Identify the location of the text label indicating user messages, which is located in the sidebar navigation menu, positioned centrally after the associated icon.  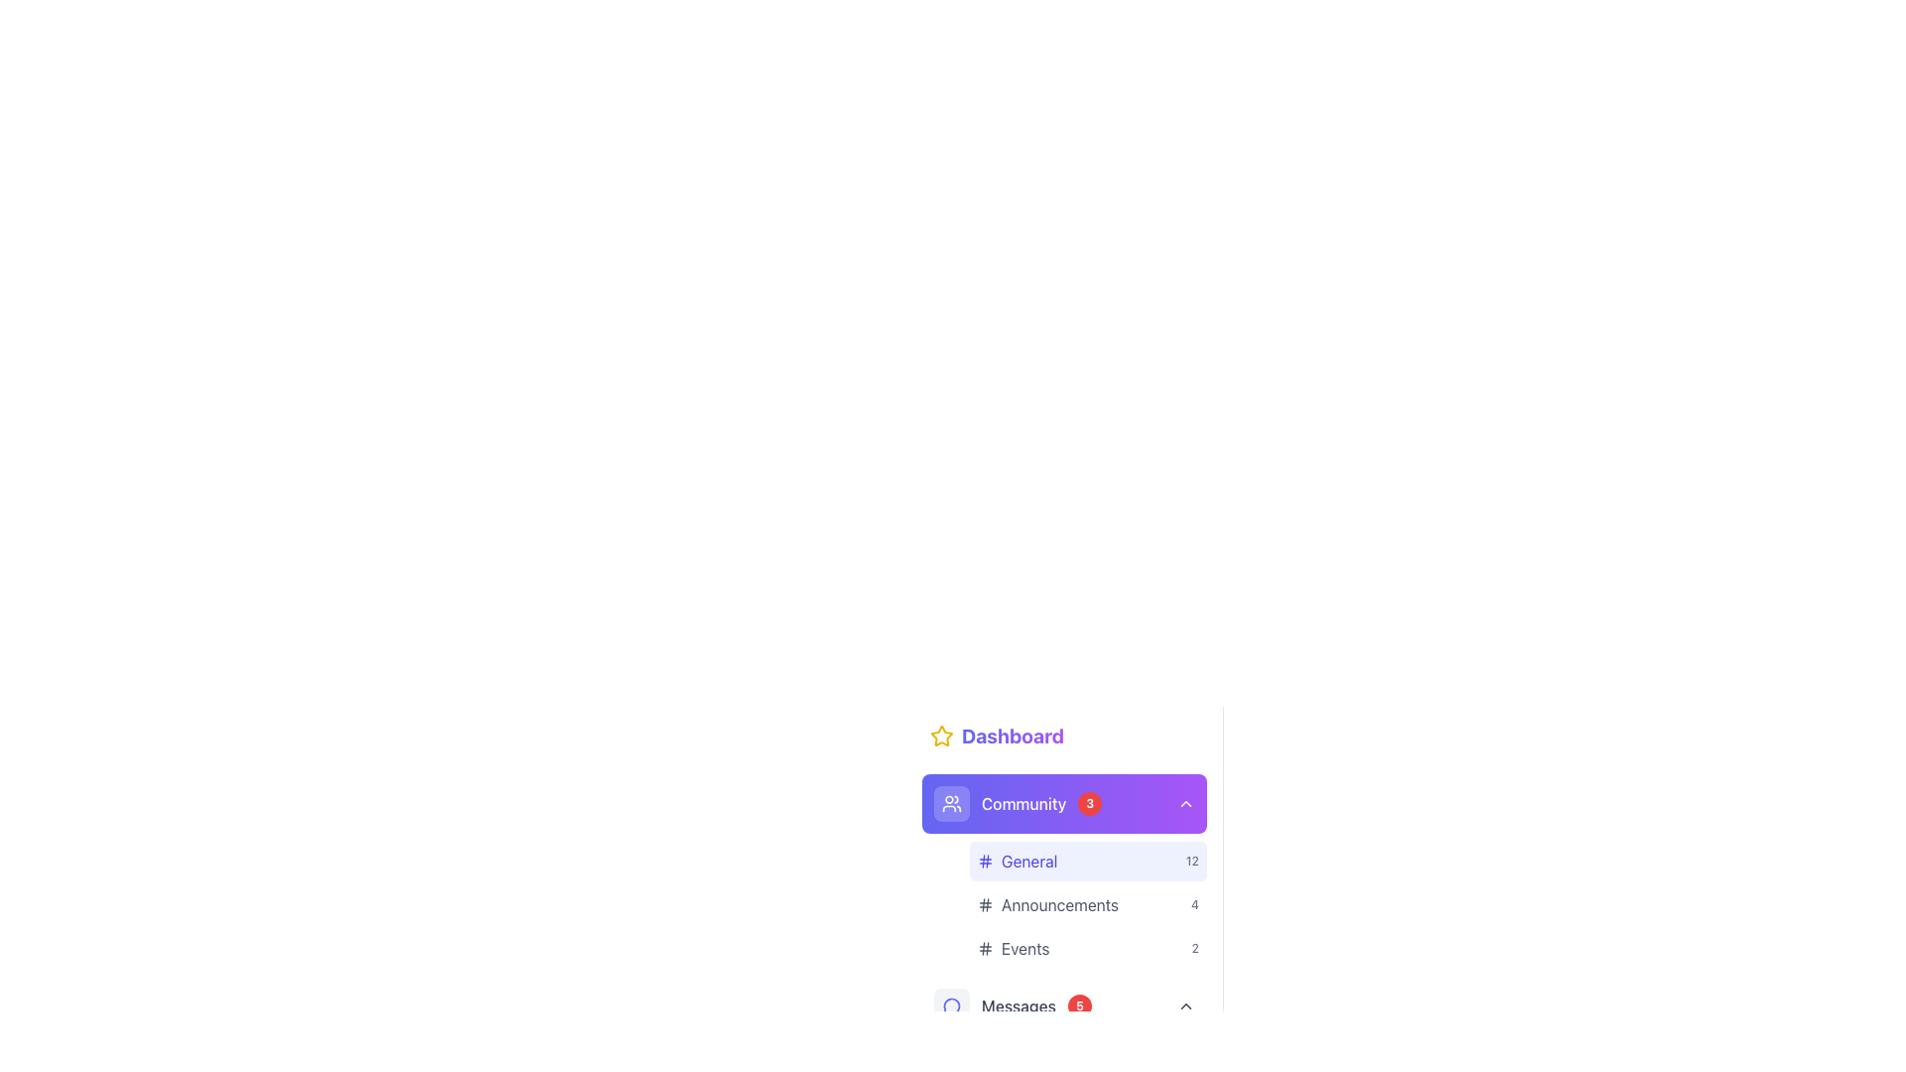
(1019, 1006).